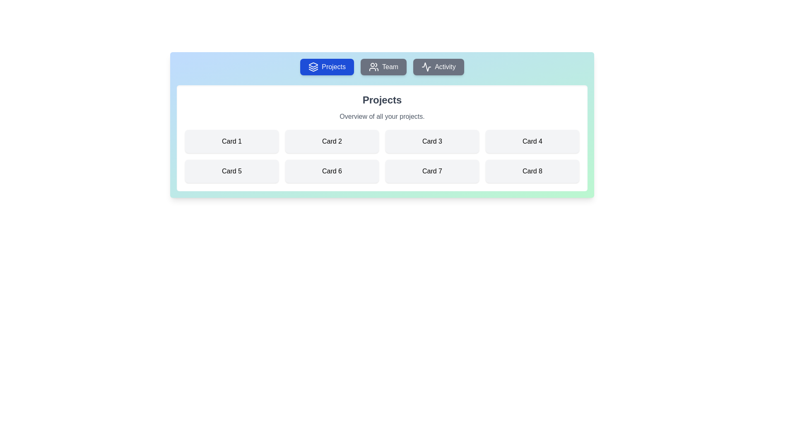 The height and width of the screenshot is (447, 795). I want to click on the Activity tab by clicking on its corresponding button, so click(438, 67).